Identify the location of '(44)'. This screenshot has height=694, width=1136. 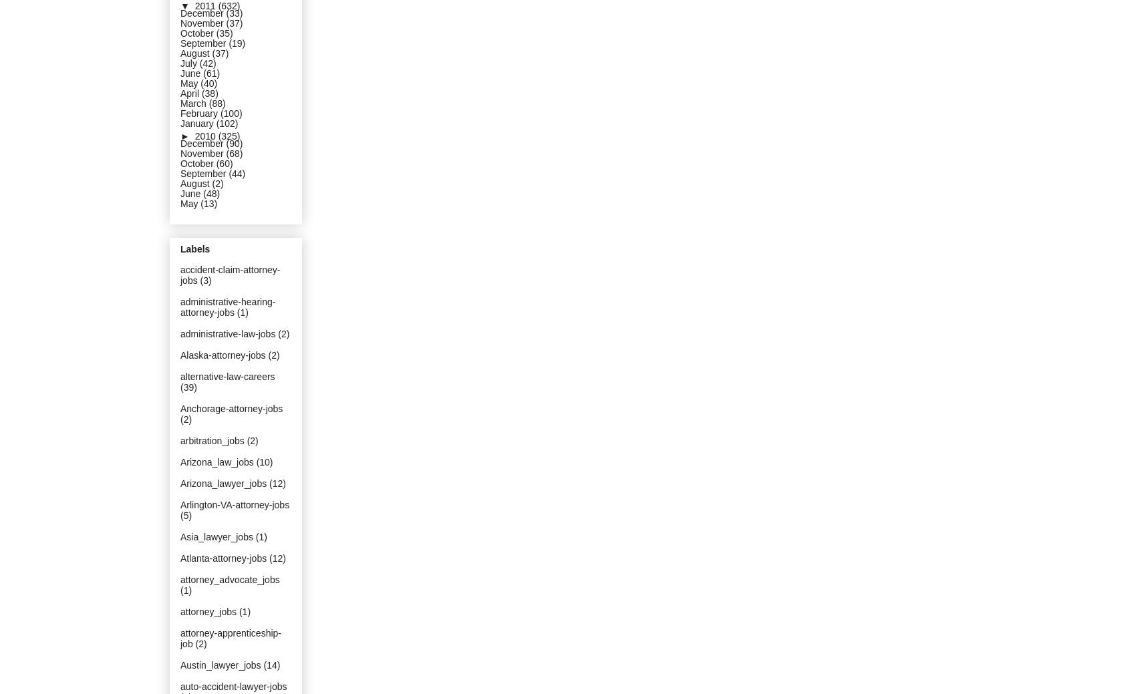
(236, 173).